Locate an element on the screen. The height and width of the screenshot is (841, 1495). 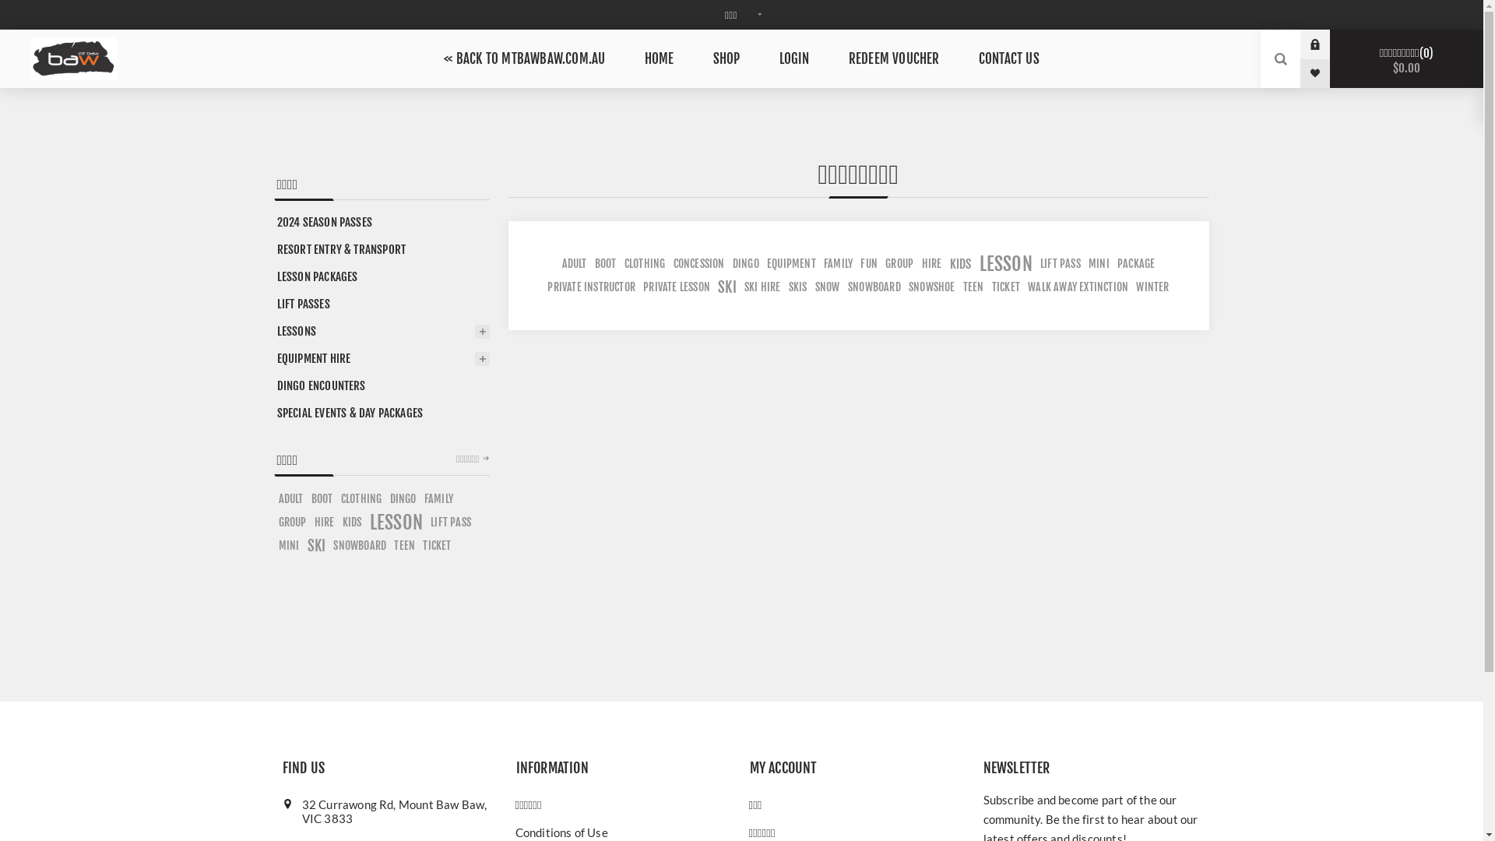
'SKI' is located at coordinates (307, 545).